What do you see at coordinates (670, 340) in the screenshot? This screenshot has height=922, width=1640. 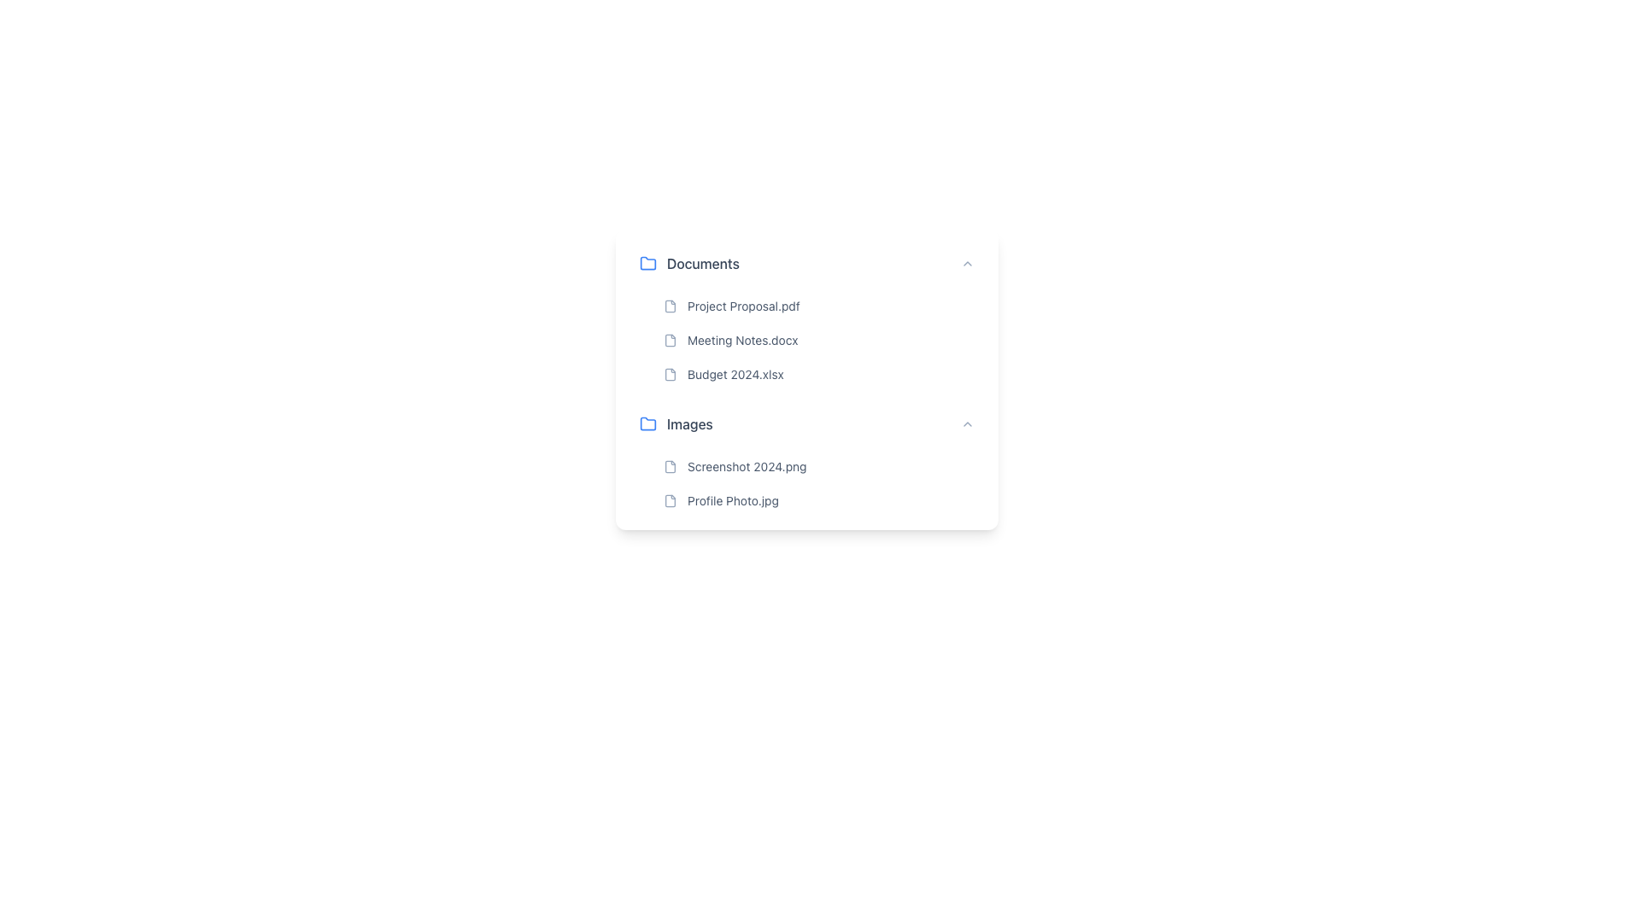 I see `the document icon labeled 'Meeting Notes.docx'` at bounding box center [670, 340].